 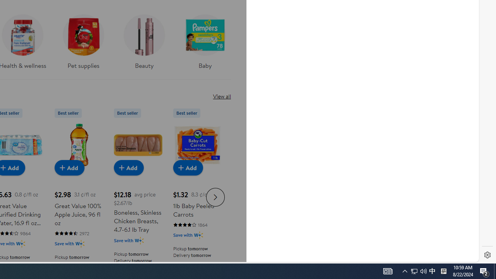 What do you see at coordinates (215, 196) in the screenshot?
I see `'Next slide for Product Carousel list'` at bounding box center [215, 196].